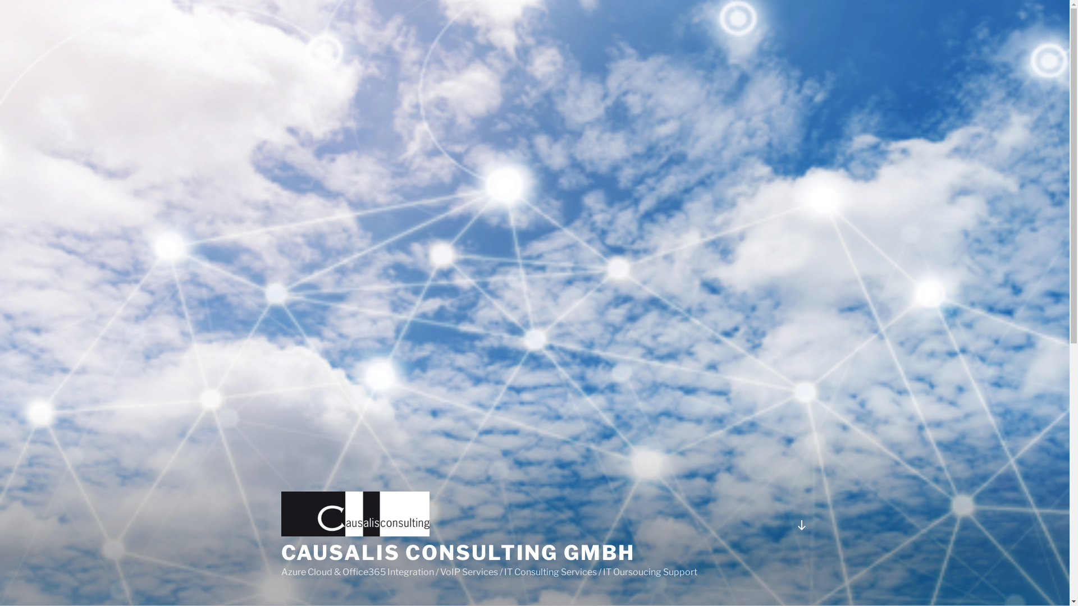  What do you see at coordinates (0, 0) in the screenshot?
I see `'Zum Inhalt springen'` at bounding box center [0, 0].